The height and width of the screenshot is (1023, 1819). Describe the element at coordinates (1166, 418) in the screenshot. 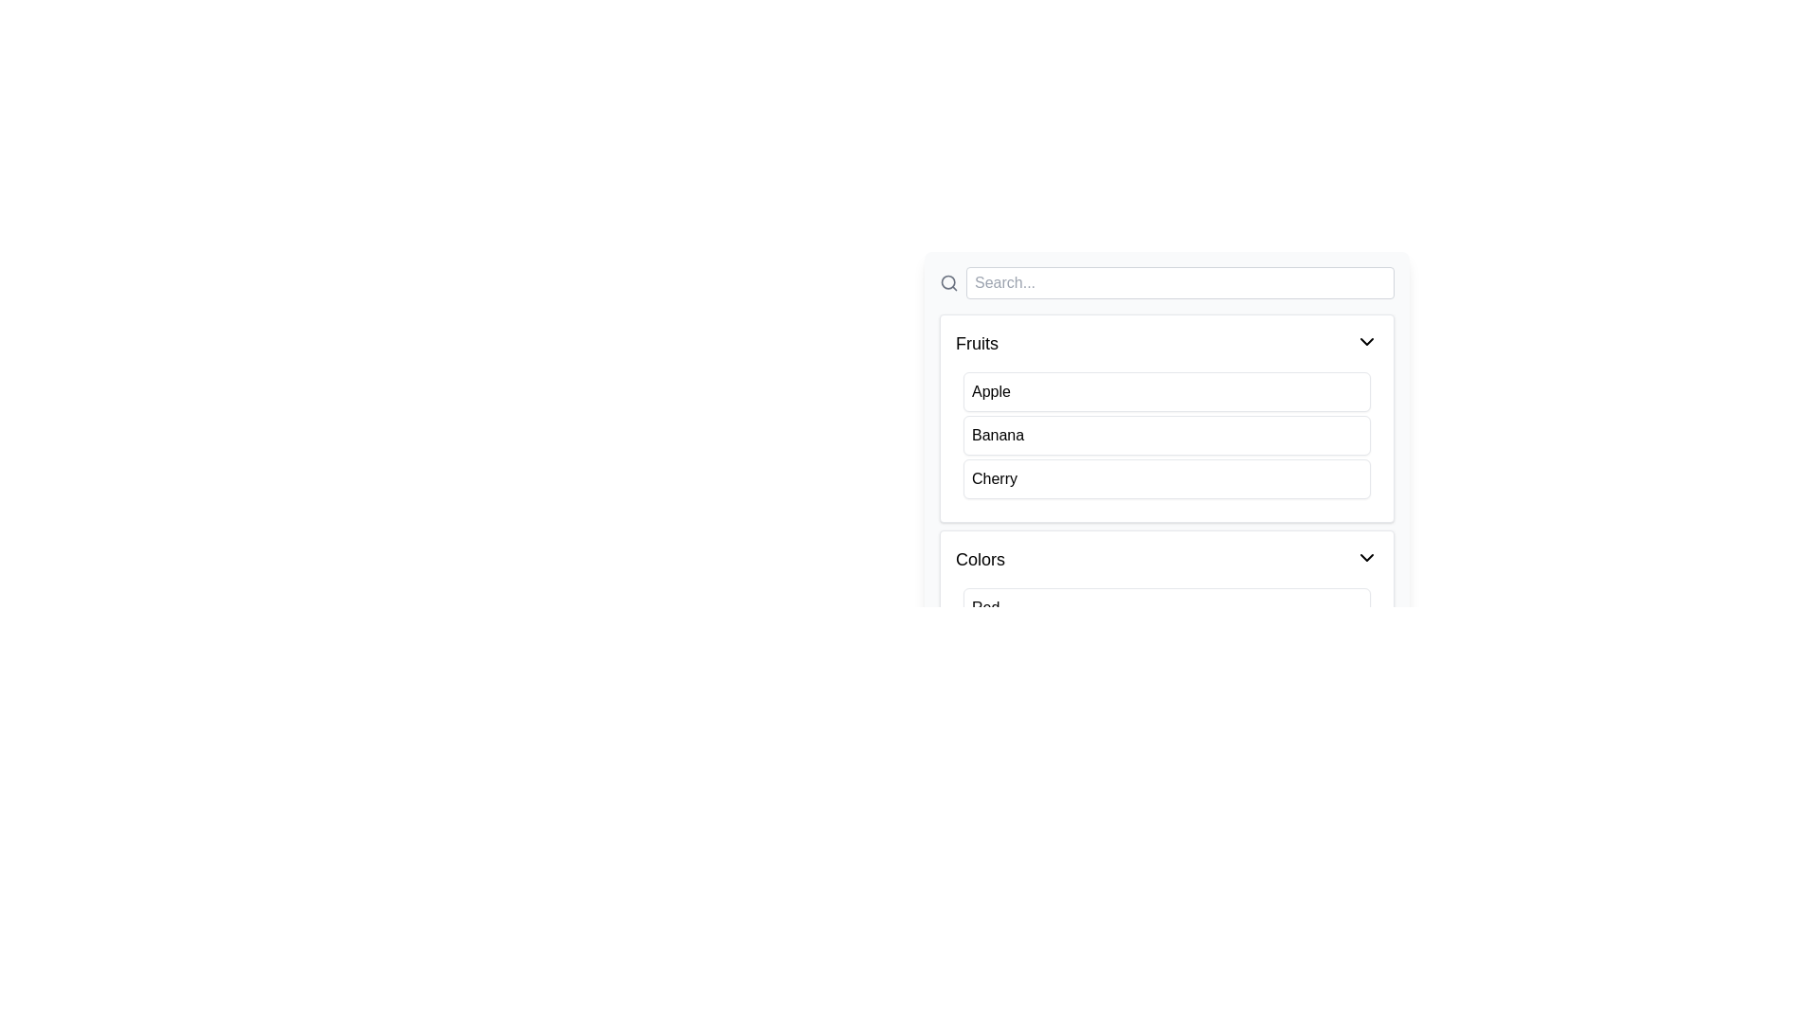

I see `the dropdown-like structure labeled 'Fruits' that contains items 'Apple', 'Banana', and 'Cherry'` at that location.